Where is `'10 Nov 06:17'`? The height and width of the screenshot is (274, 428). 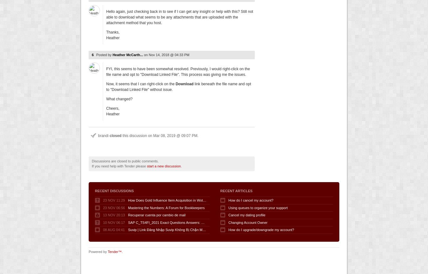 '10 Nov 06:17' is located at coordinates (113, 222).